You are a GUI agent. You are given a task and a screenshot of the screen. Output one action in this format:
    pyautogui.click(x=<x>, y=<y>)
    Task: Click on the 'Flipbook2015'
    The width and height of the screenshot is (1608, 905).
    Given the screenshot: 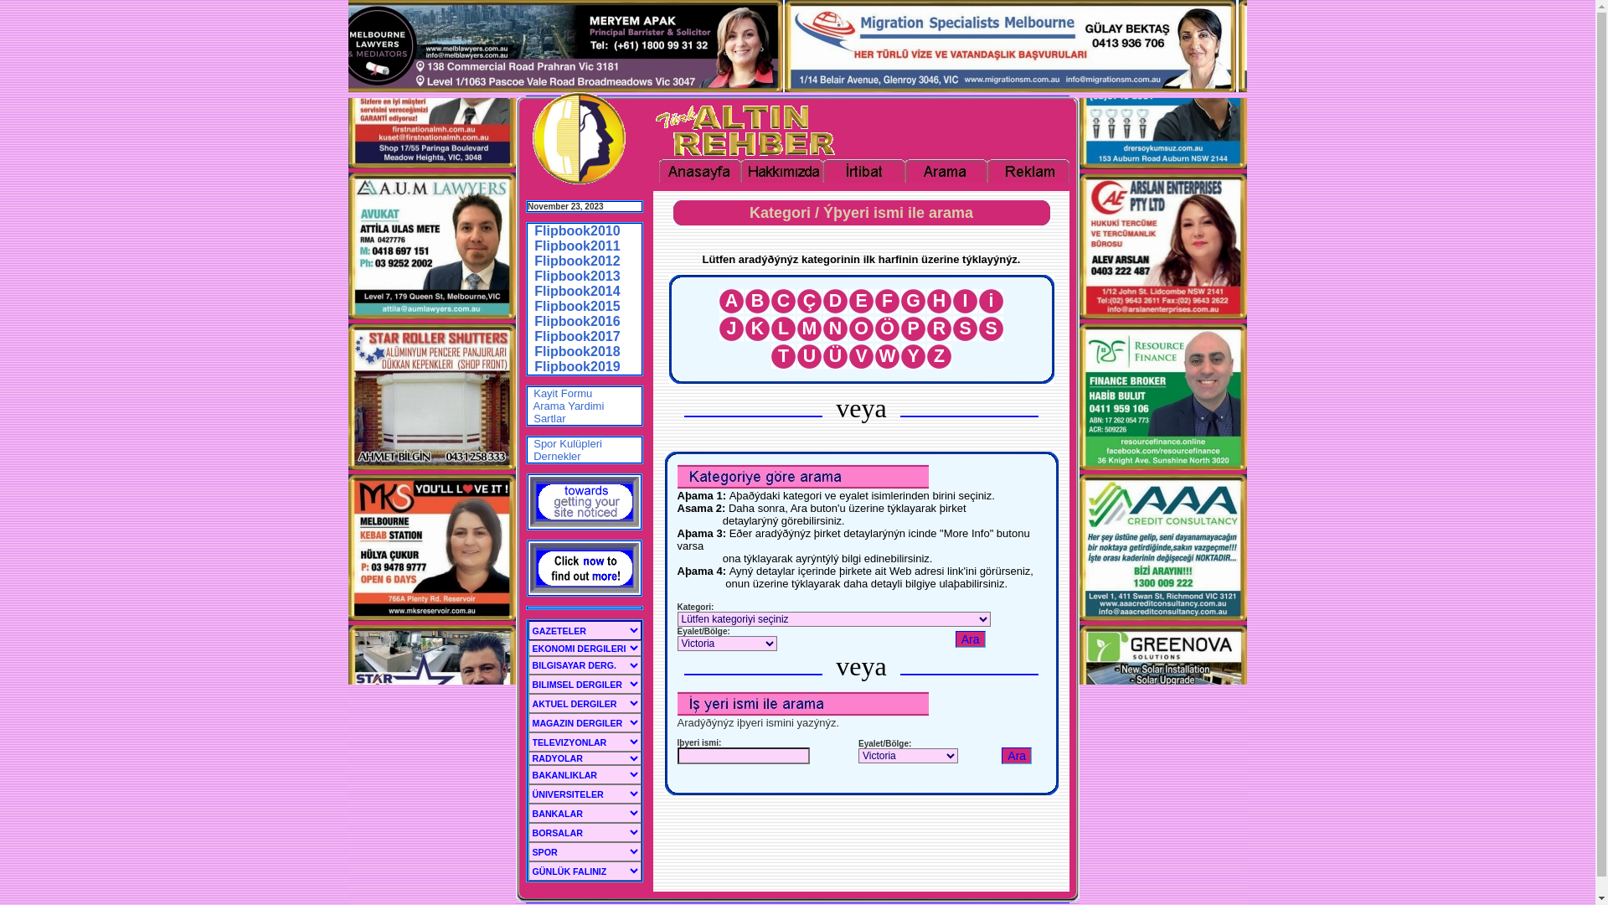 What is the action you would take?
    pyautogui.click(x=577, y=306)
    